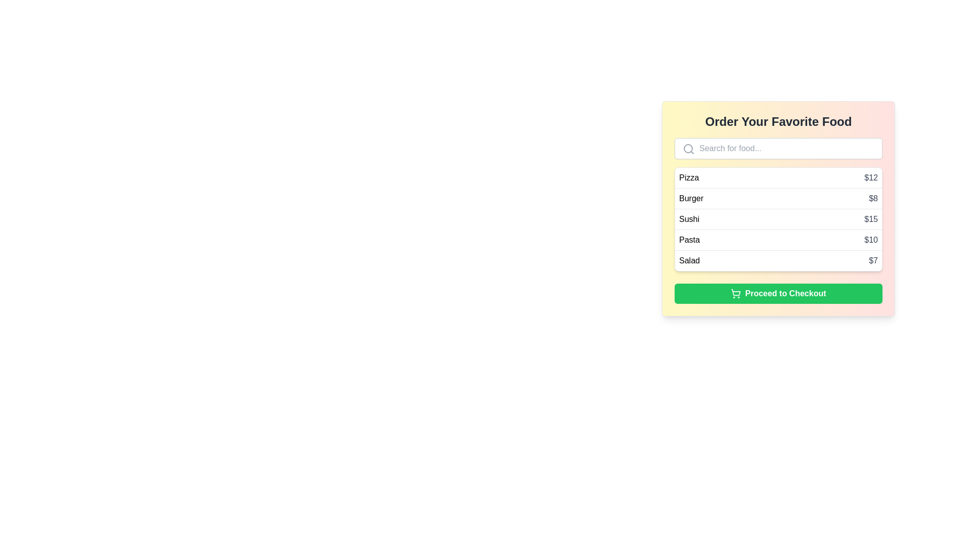 The width and height of the screenshot is (971, 546). I want to click on the gray magnifying glass icon representing the search function, which is located to the left of the input field with the placeholder 'Search for food...', so click(688, 149).